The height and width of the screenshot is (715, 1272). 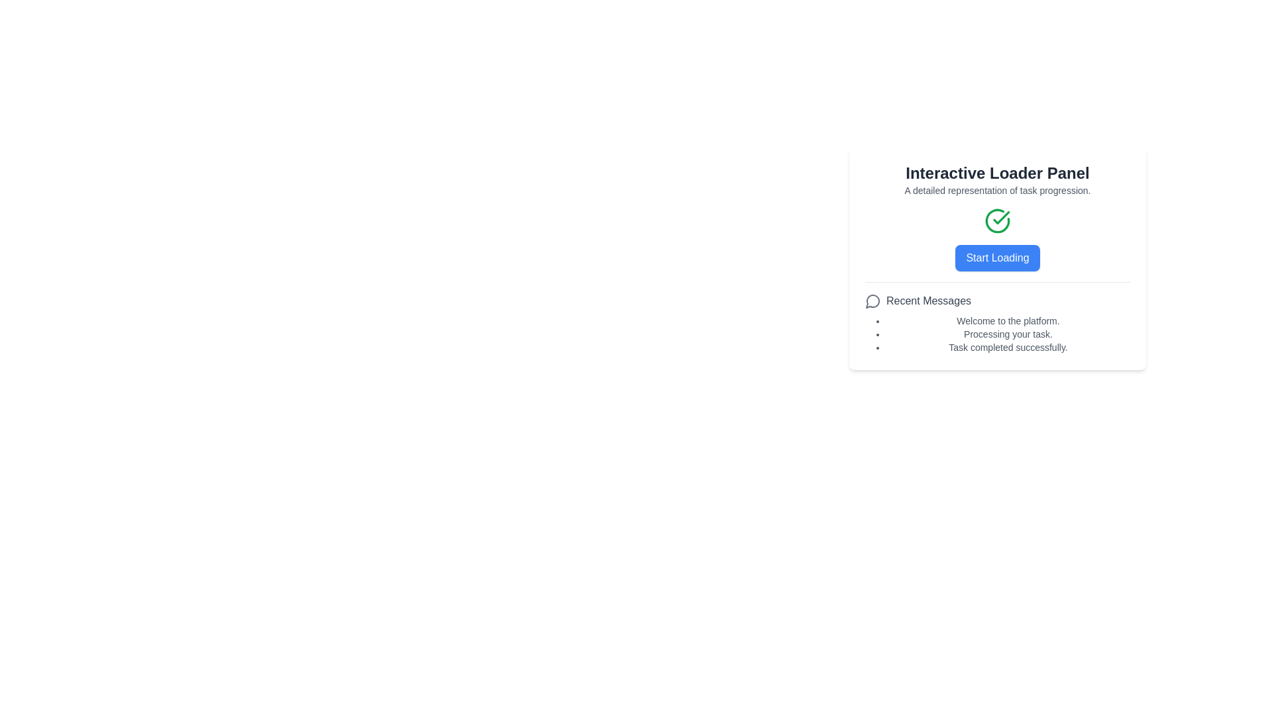 I want to click on the 'Start Loading' button, so click(x=998, y=240).